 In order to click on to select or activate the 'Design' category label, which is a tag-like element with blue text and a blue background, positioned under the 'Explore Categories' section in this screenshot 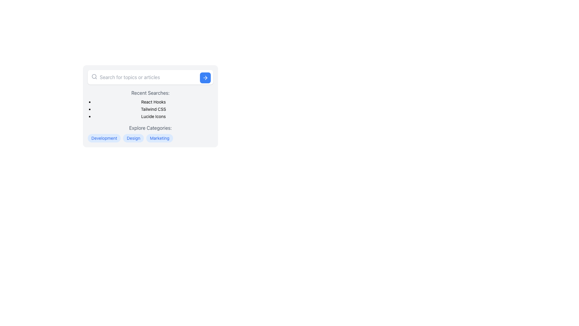, I will do `click(133, 138)`.